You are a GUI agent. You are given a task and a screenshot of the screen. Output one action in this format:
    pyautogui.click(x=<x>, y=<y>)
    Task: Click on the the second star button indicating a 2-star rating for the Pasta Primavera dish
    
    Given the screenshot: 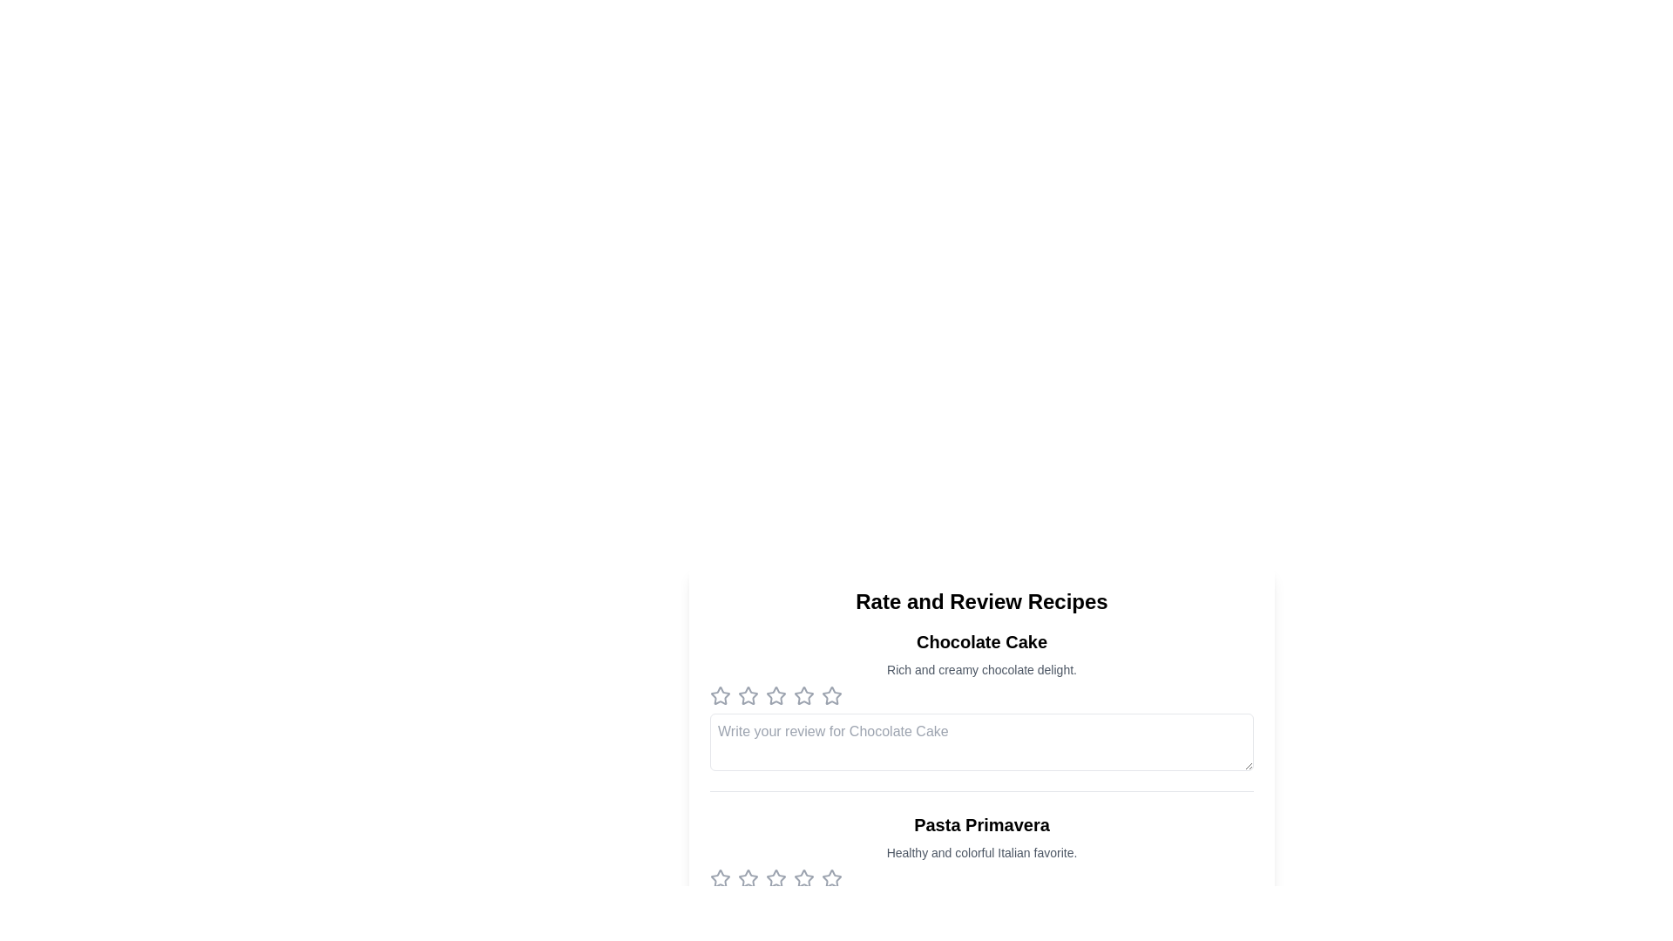 What is the action you would take?
    pyautogui.click(x=748, y=879)
    